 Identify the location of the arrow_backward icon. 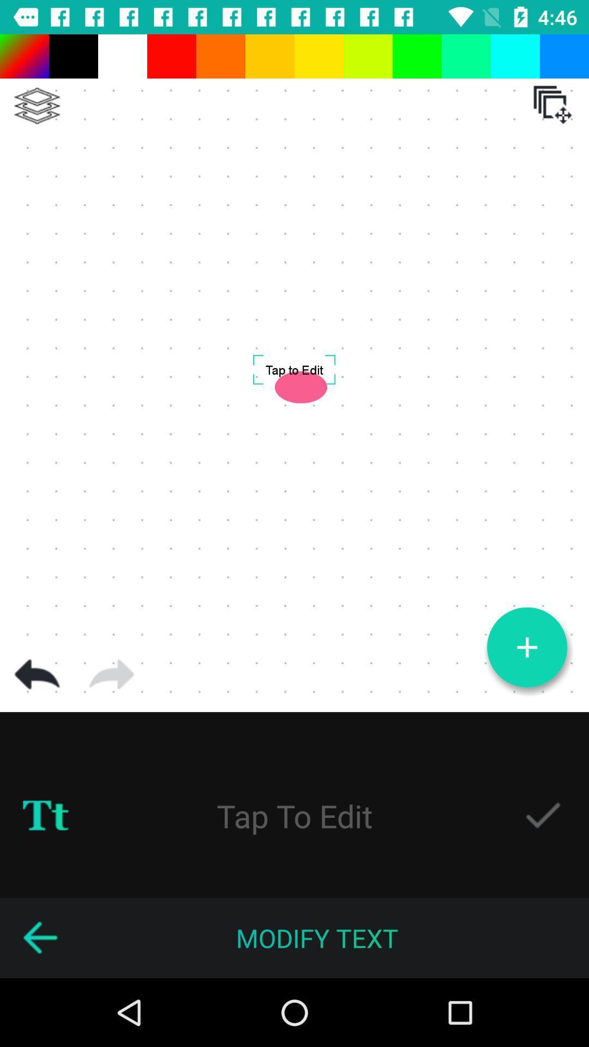
(39, 937).